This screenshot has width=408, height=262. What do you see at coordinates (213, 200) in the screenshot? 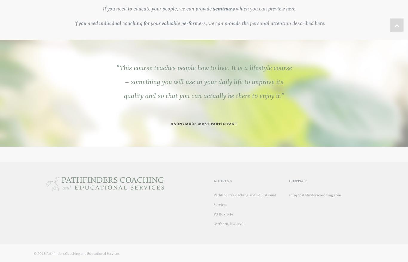
I see `'Pathfinders Coaching and Educational Services'` at bounding box center [213, 200].